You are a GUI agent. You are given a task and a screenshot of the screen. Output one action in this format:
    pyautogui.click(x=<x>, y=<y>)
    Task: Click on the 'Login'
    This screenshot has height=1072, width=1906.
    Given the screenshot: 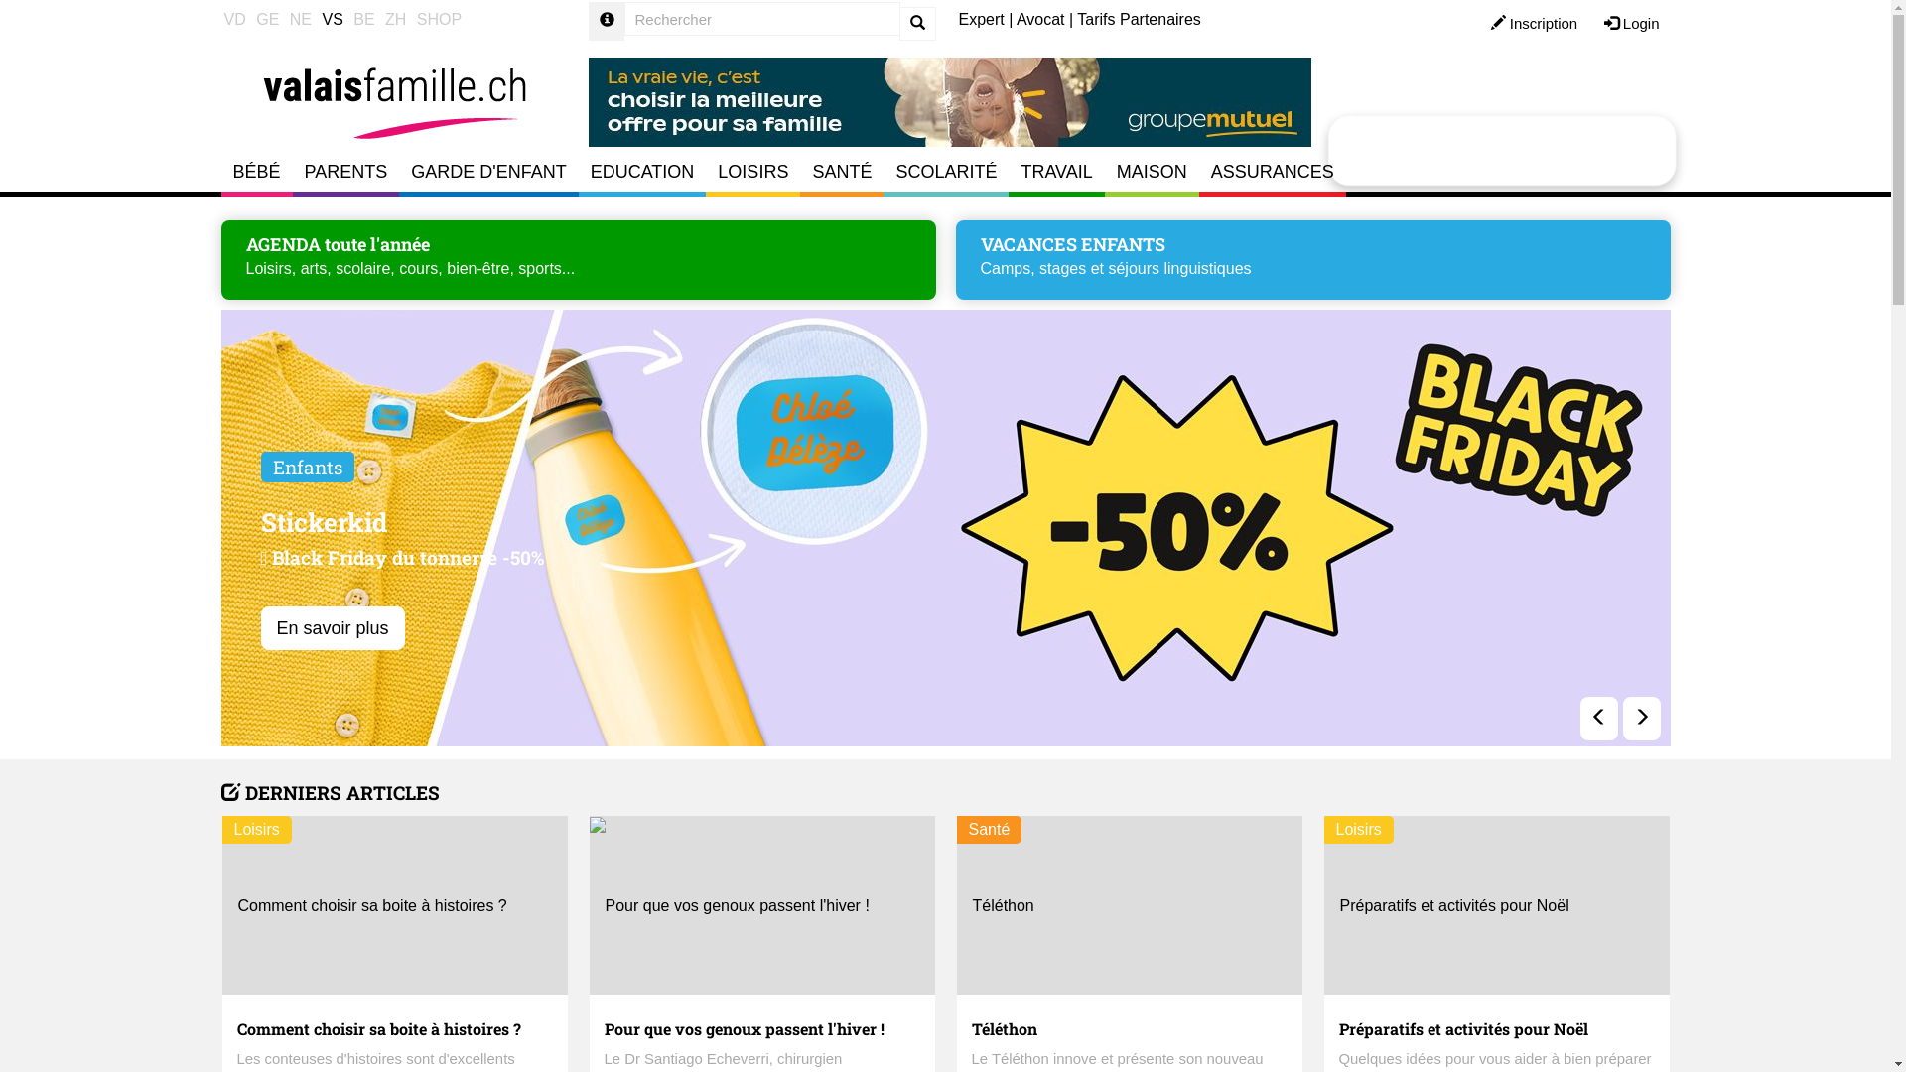 What is the action you would take?
    pyautogui.click(x=1631, y=24)
    